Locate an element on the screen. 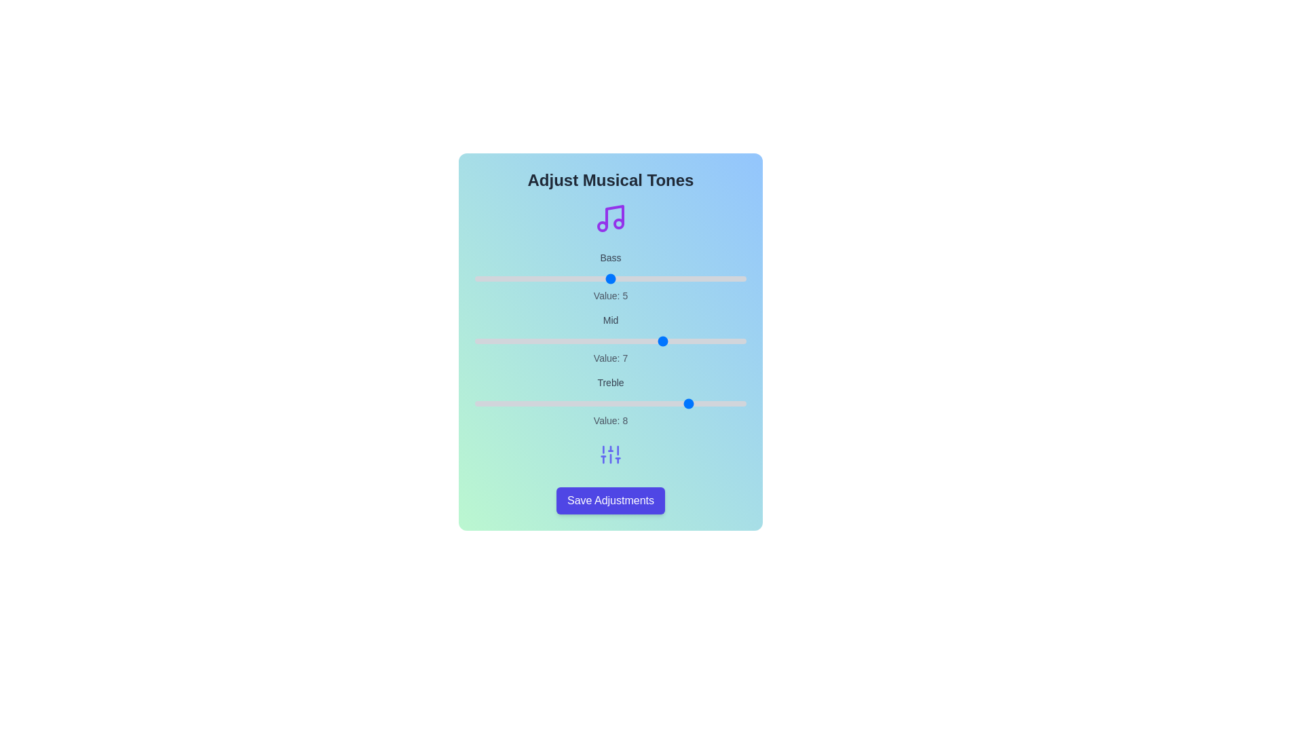 Image resolution: width=1303 pixels, height=733 pixels. the musical note icon is located at coordinates (610, 217).